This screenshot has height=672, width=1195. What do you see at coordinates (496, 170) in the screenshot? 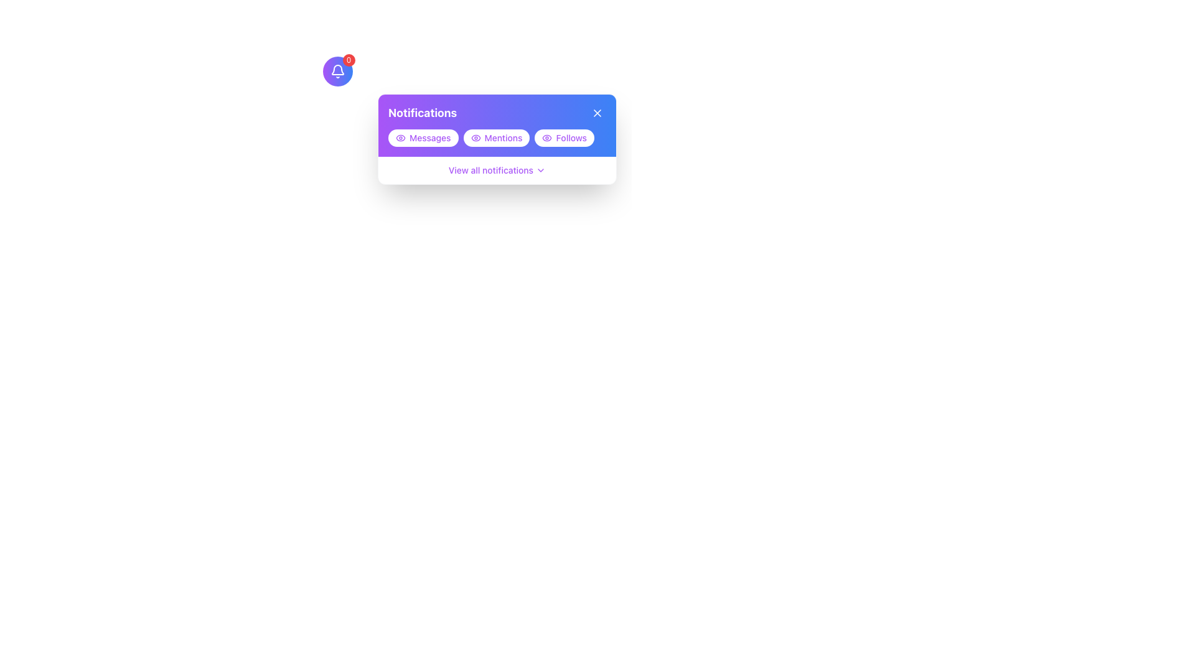
I see `the button located at the bottom of the notification panel` at bounding box center [496, 170].